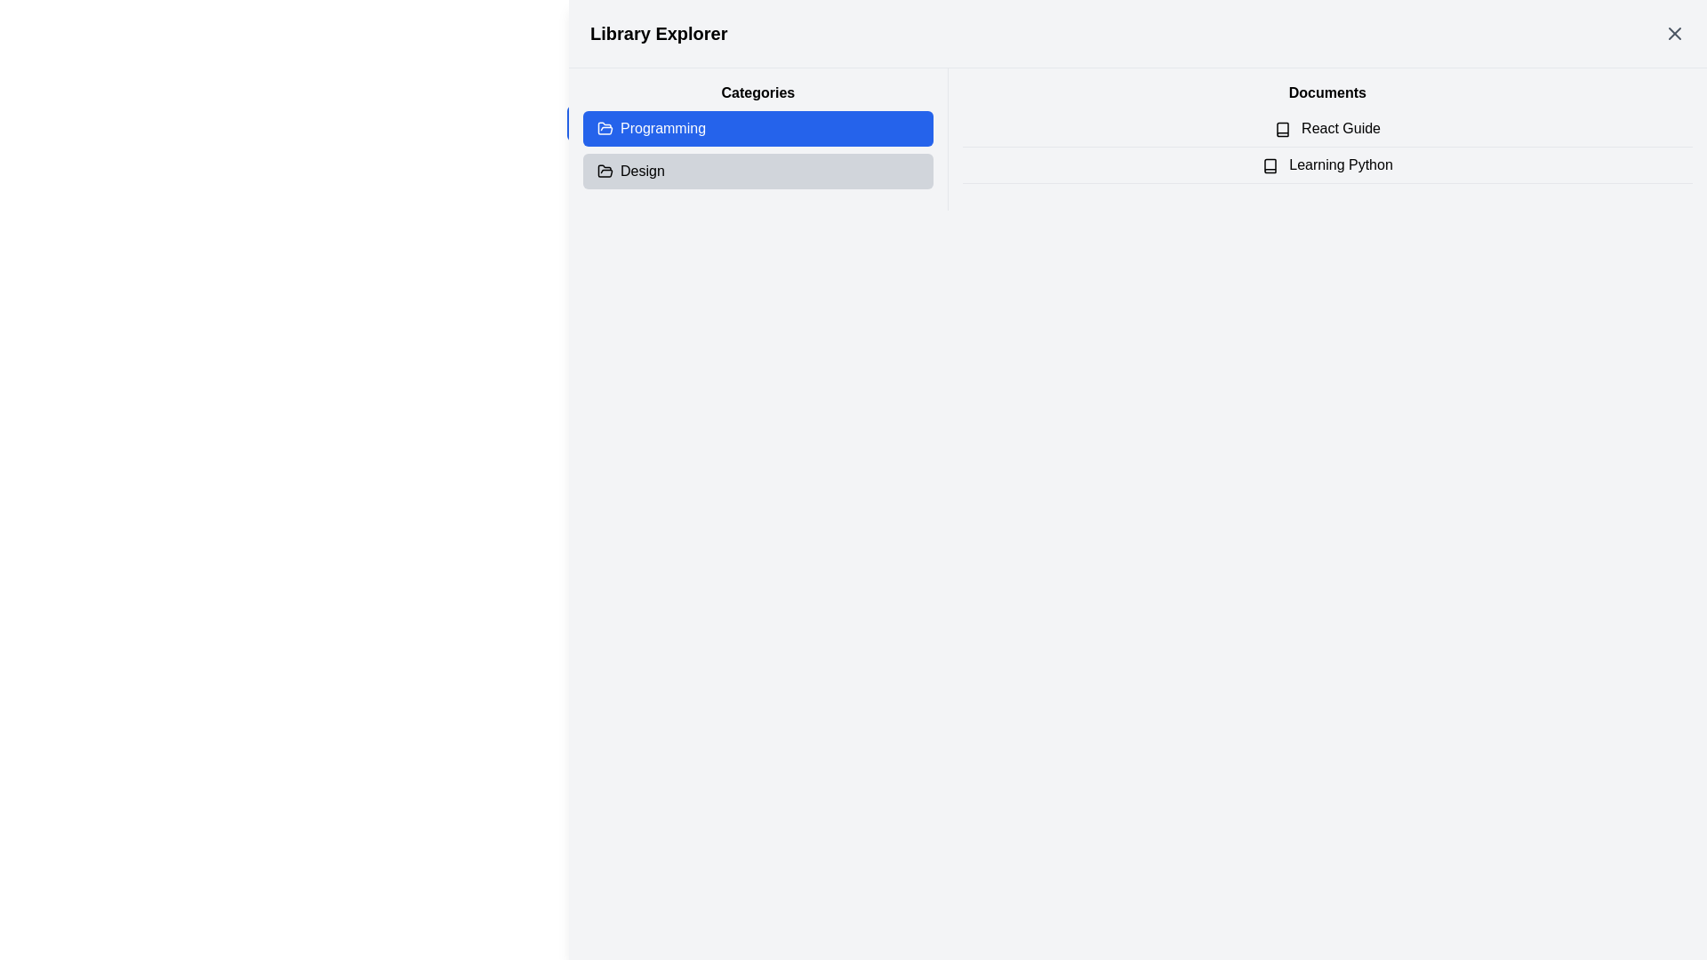 This screenshot has width=1707, height=960. I want to click on the book icon in the 'Documents' section, which contains the titles 'React Guide' and 'Learning Python', so click(1326, 139).